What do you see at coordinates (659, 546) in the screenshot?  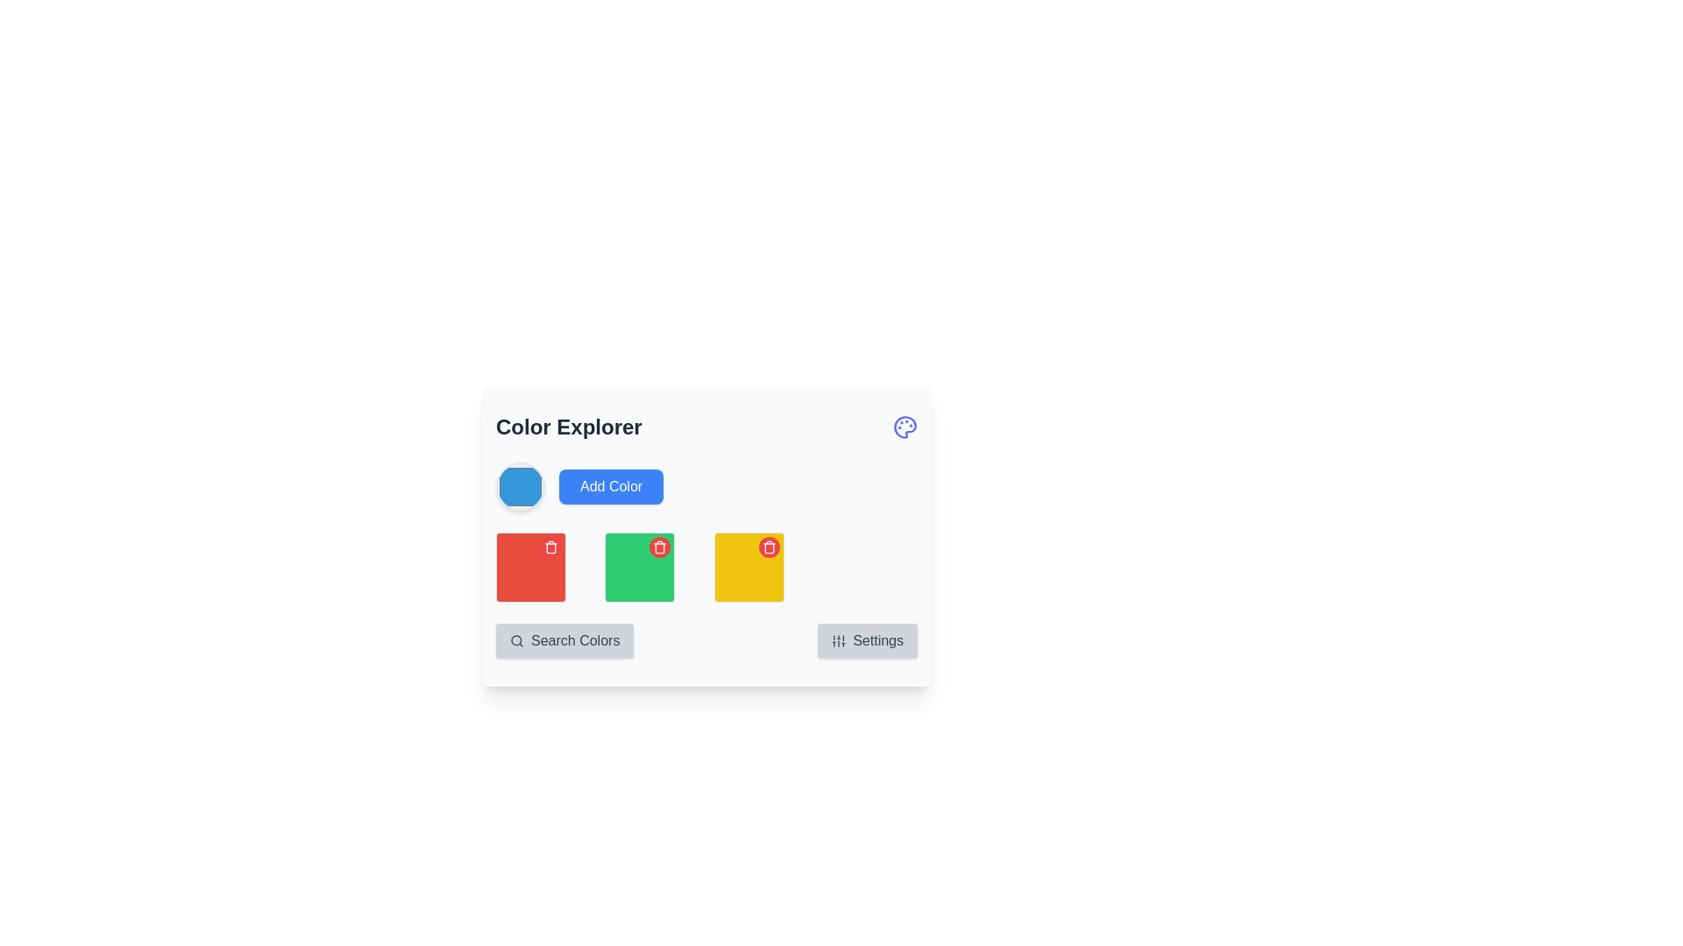 I see `the small, rounded red button with a white trash can icon in the top-right corner of the green square` at bounding box center [659, 546].